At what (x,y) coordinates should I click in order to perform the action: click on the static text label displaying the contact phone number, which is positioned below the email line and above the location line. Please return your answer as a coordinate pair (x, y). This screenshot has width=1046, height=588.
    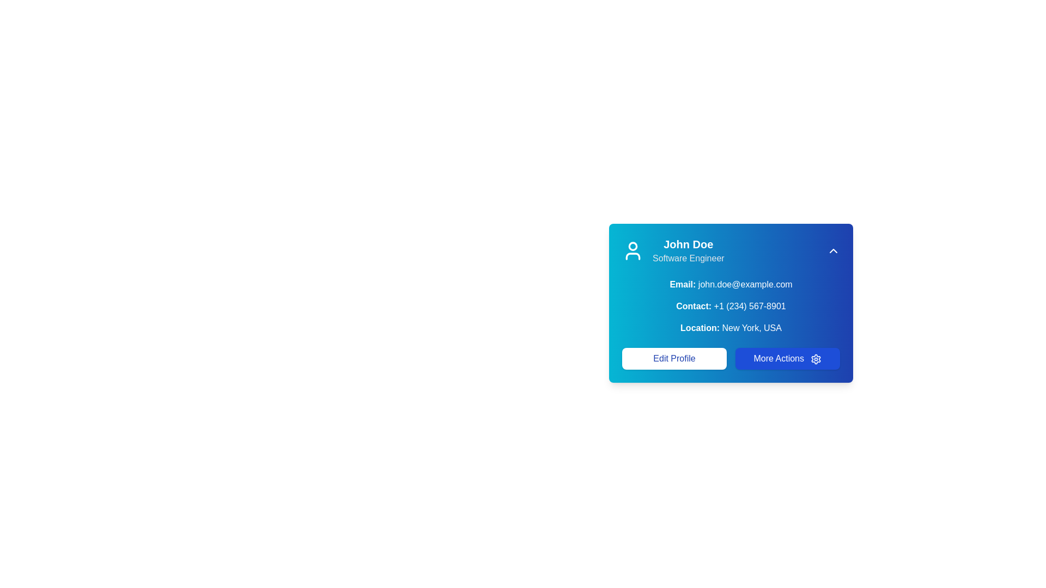
    Looking at the image, I should click on (731, 307).